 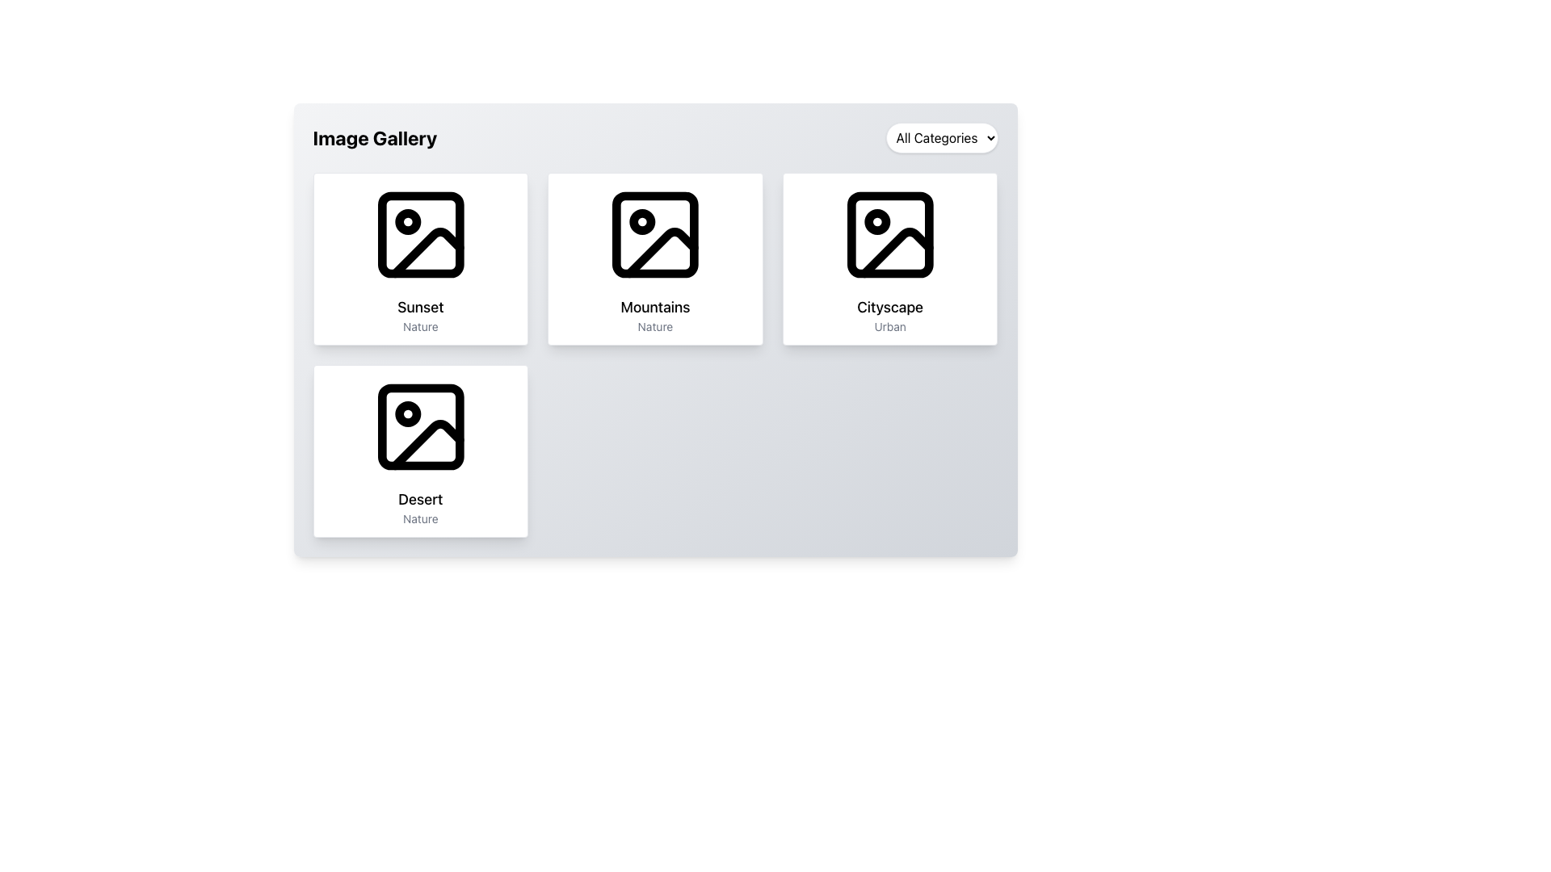 I want to click on the label that serves as the title for a card in the second row, first column of an image gallery layout, positioned beneath an icon and above the smaller-text label 'Nature', so click(x=420, y=498).